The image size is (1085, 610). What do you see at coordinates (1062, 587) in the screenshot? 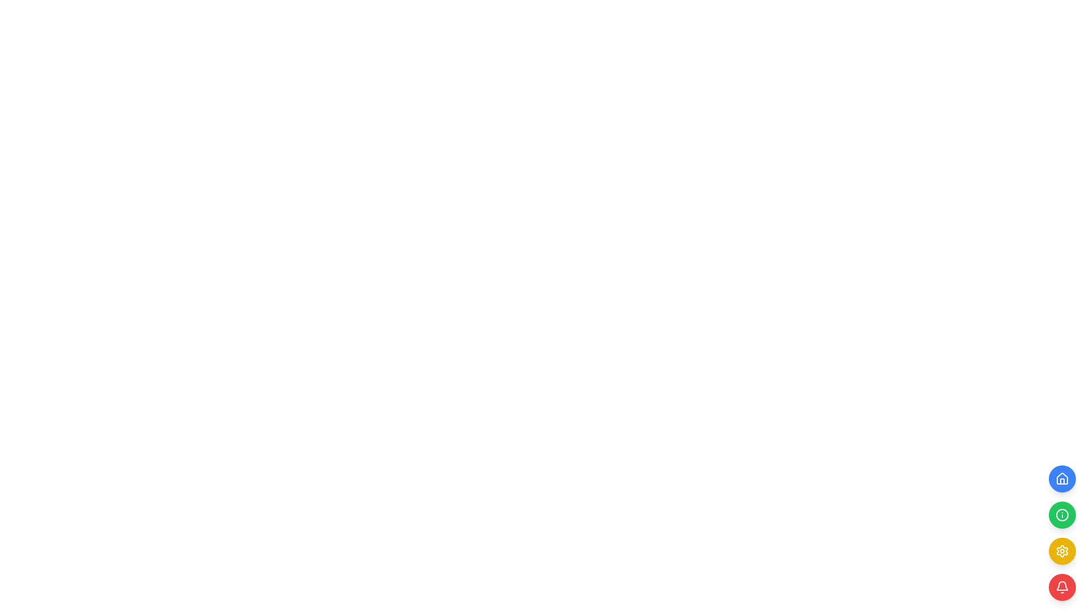
I see `the circular red button with a white bell icon located in the bottom-right corner of the interface` at bounding box center [1062, 587].